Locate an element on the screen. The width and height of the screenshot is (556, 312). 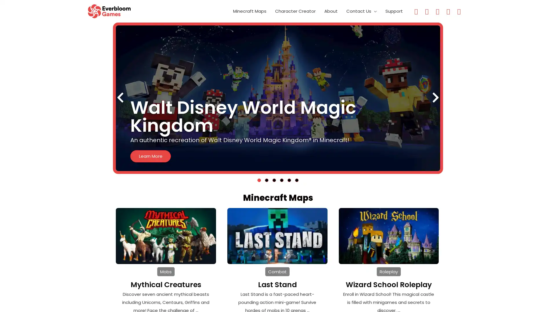
Next is located at coordinates (435, 98).